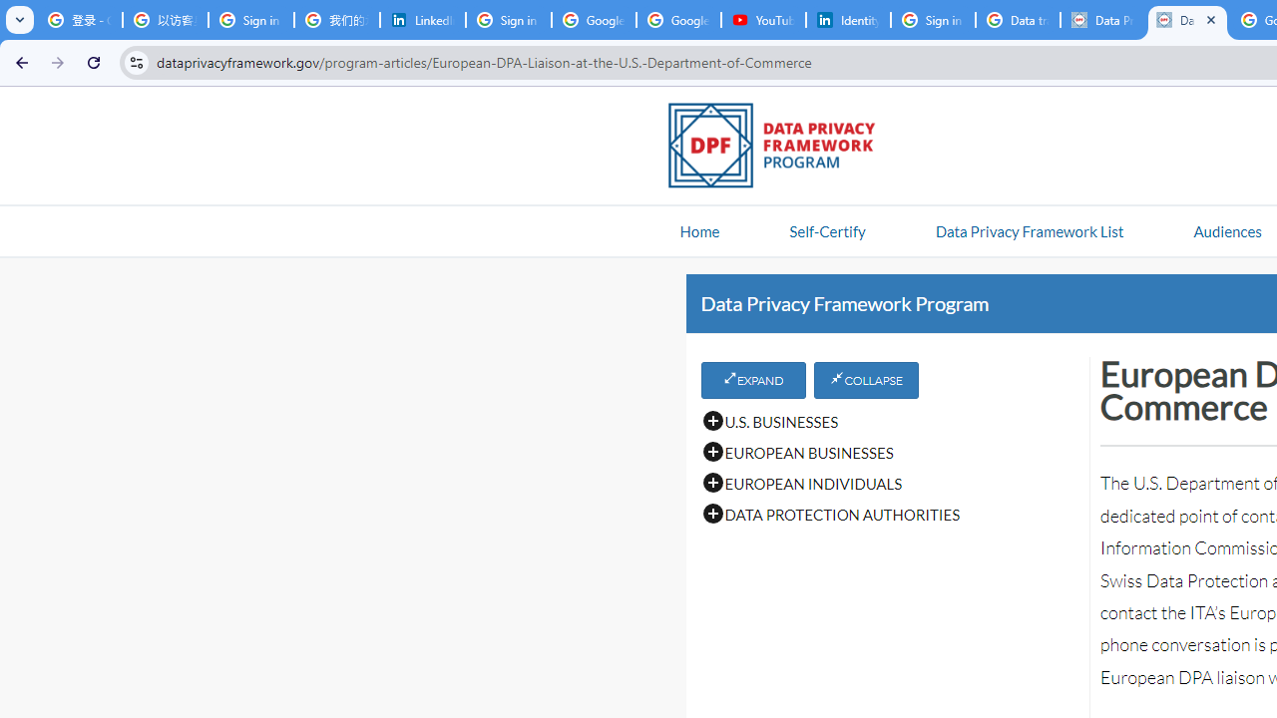 The width and height of the screenshot is (1277, 718). I want to click on 'Audiences', so click(1226, 229).